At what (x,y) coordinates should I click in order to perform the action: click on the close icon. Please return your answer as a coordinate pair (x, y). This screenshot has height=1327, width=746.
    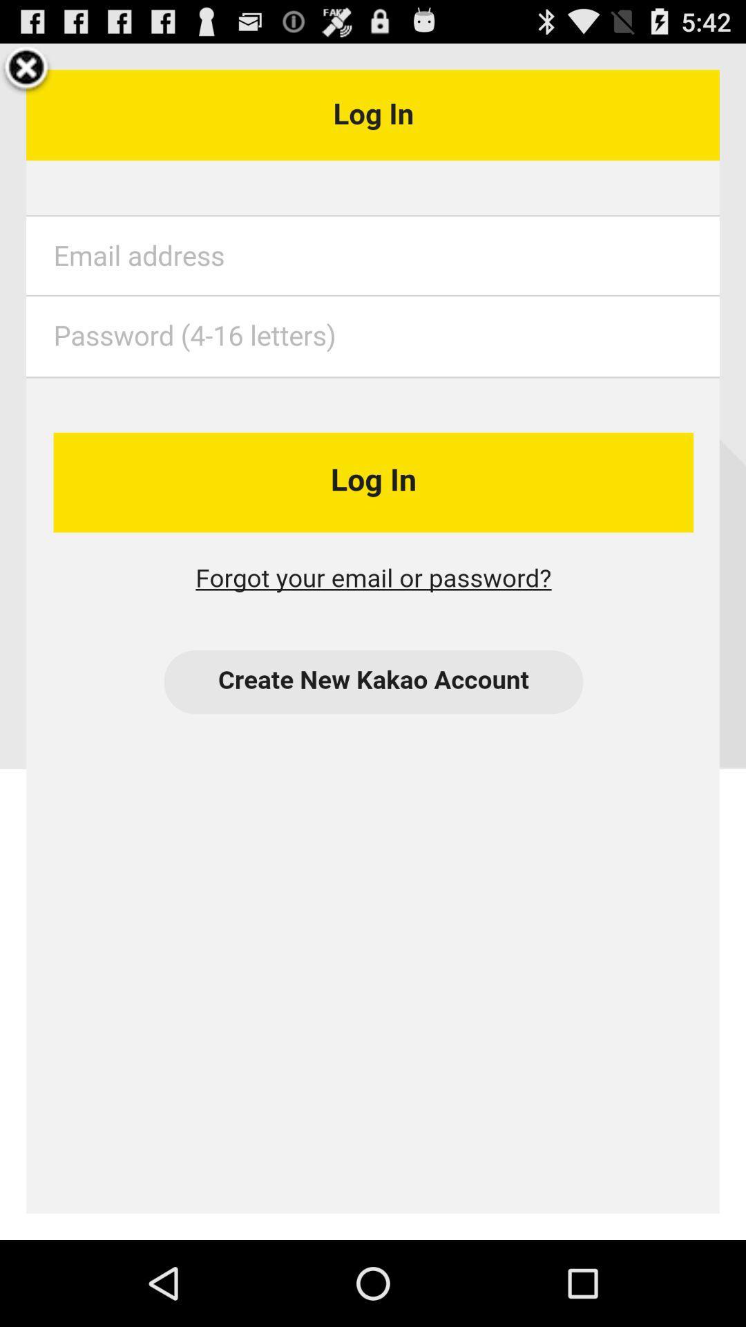
    Looking at the image, I should click on (26, 74).